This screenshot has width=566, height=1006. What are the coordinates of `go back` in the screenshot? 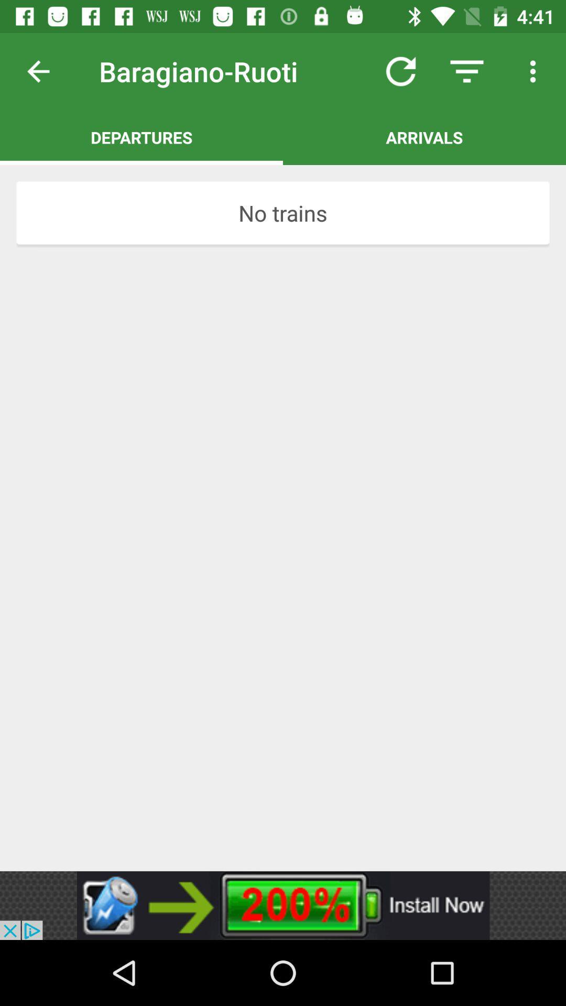 It's located at (46, 71).